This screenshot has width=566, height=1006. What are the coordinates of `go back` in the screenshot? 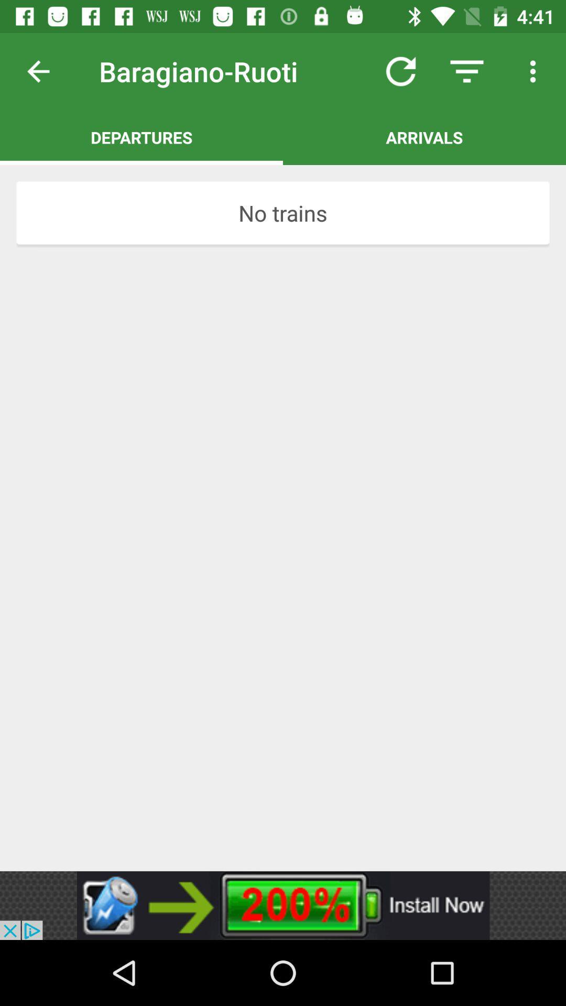 It's located at (46, 71).